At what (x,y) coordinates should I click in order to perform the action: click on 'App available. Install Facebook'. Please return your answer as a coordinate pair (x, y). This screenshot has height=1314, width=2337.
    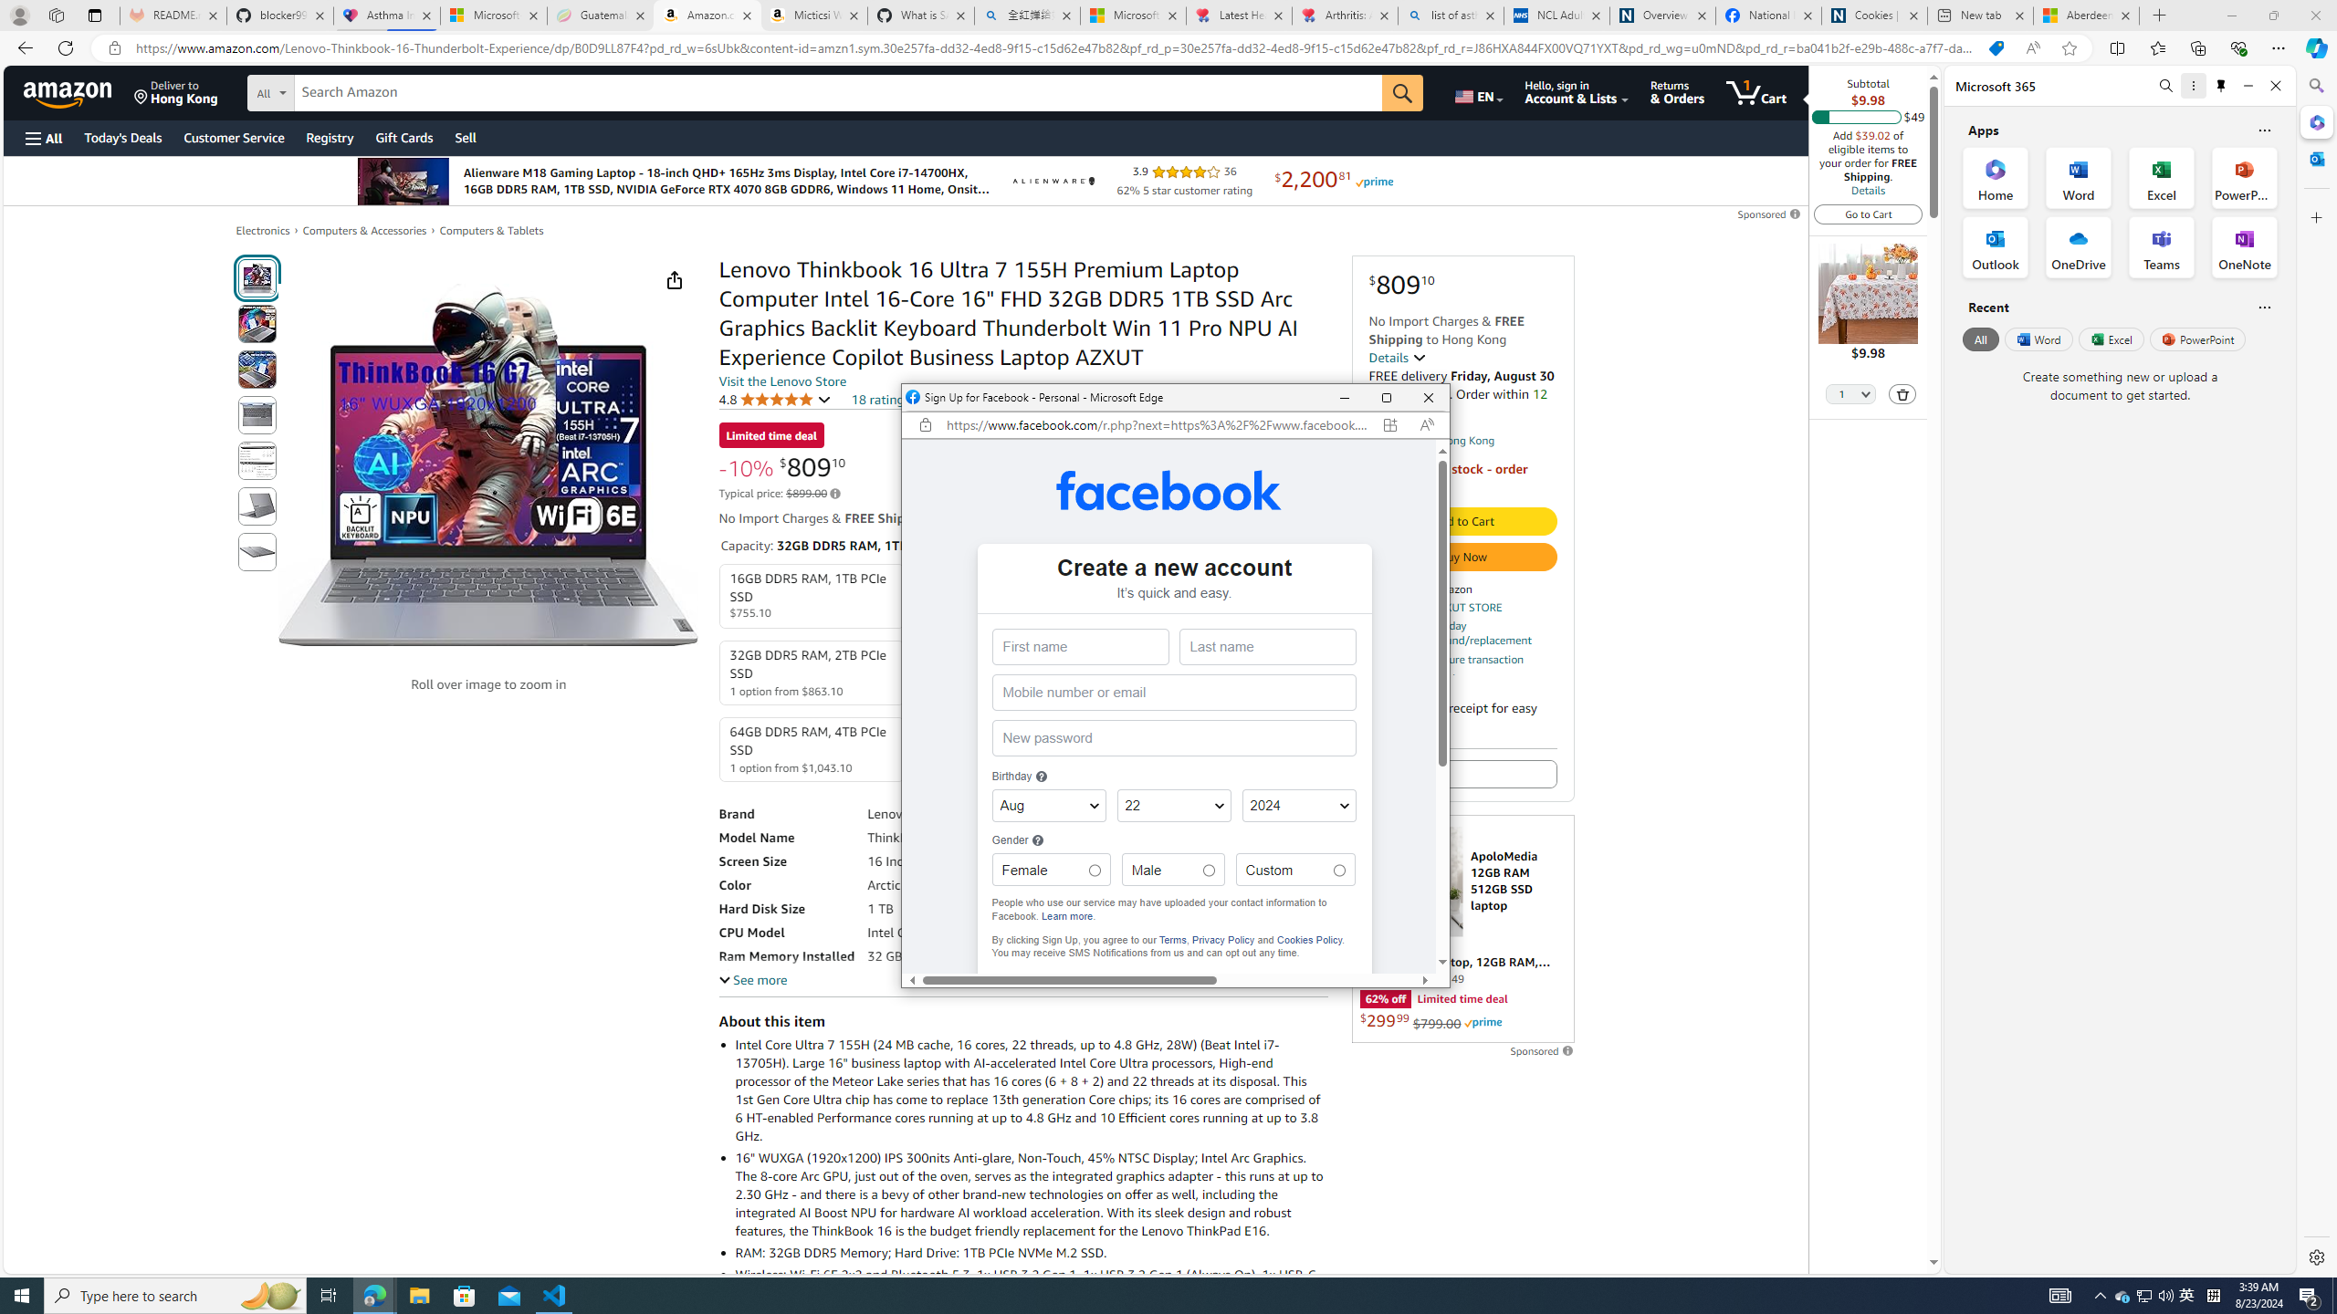
    Looking at the image, I should click on (1389, 425).